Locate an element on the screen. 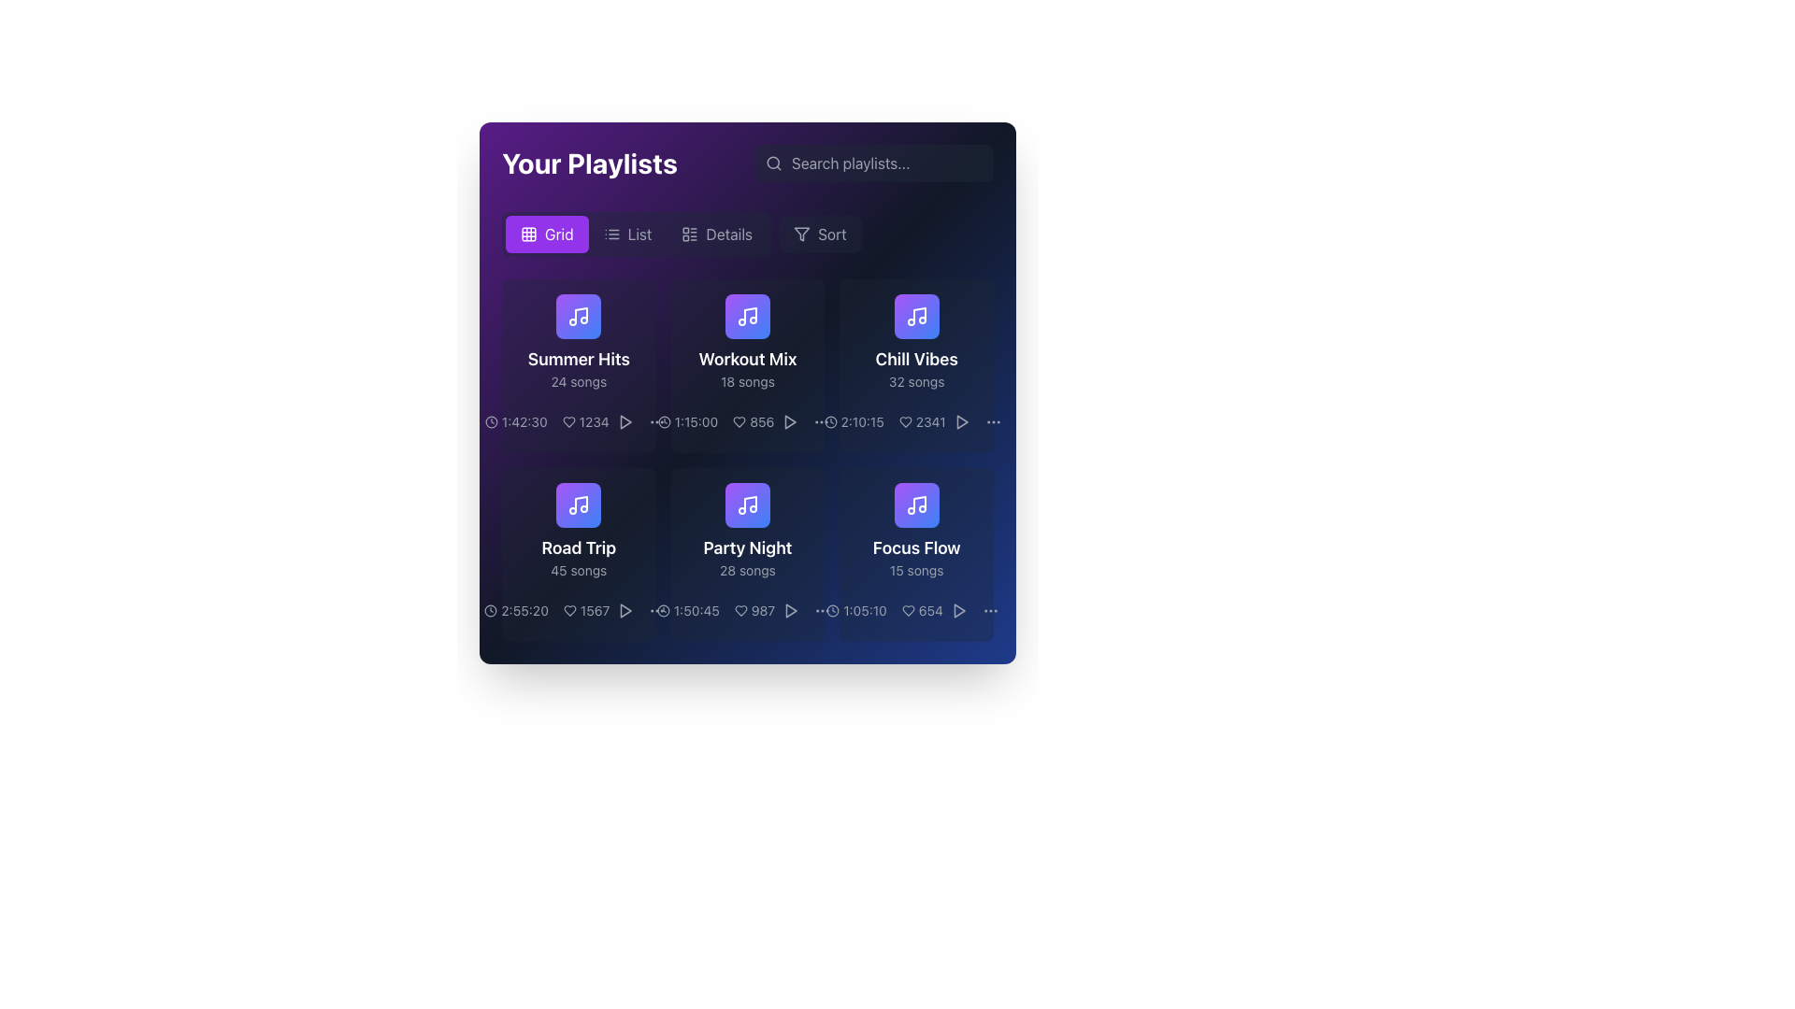 The height and width of the screenshot is (1009, 1795). the 'Focus Flow' playlist icon, which is represented by a musical note symbol and located in the bottom right corner of the grid layout is located at coordinates (916, 504).